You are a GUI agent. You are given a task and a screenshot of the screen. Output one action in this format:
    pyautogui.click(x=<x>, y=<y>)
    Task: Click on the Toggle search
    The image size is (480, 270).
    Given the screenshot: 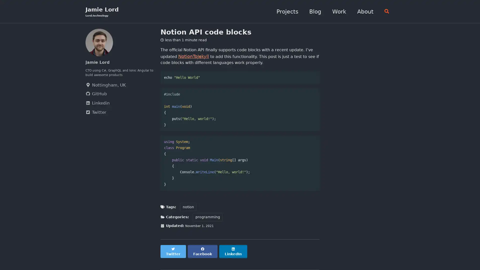 What is the action you would take?
    pyautogui.click(x=384, y=11)
    